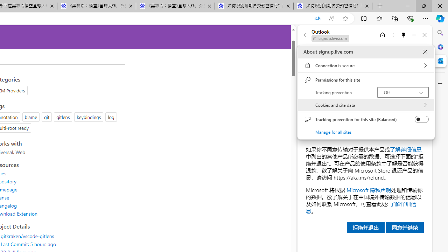  What do you see at coordinates (366, 105) in the screenshot?
I see `'Cookies and site data'` at bounding box center [366, 105].